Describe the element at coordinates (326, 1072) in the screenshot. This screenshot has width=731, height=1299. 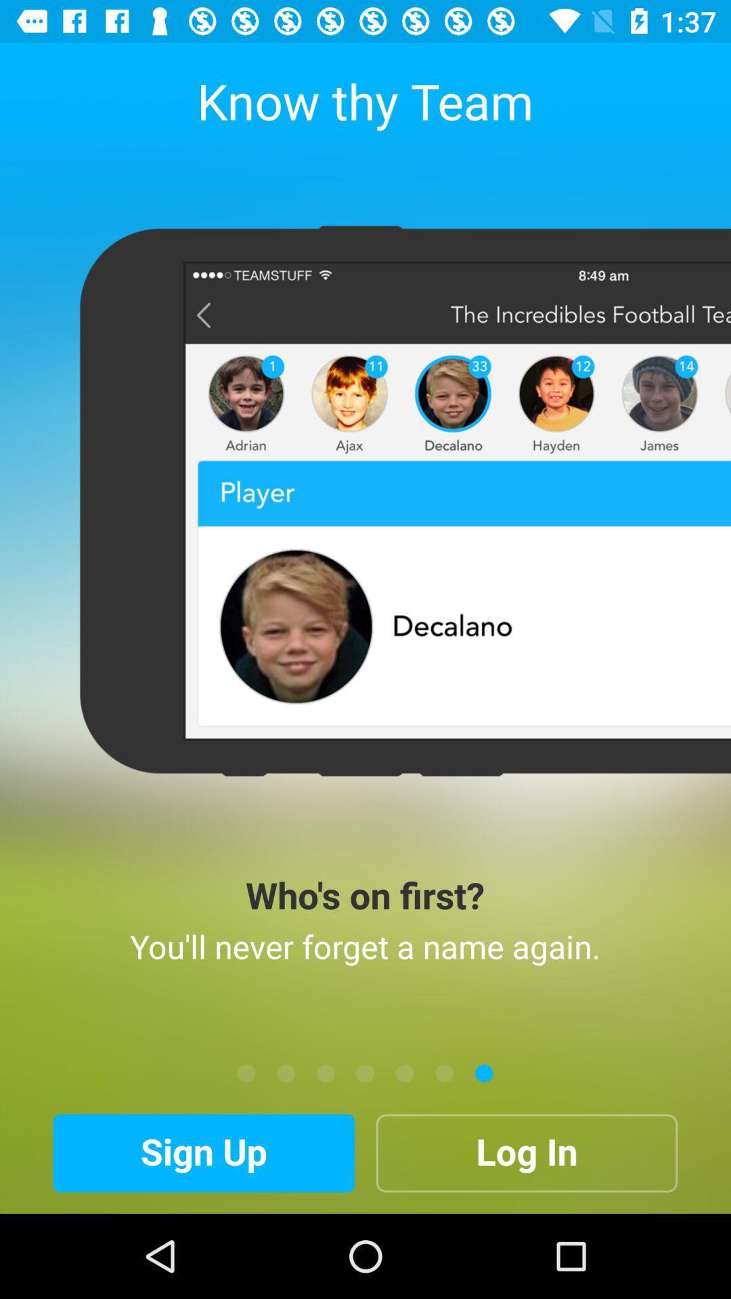
I see `the icon below you ll never icon` at that location.